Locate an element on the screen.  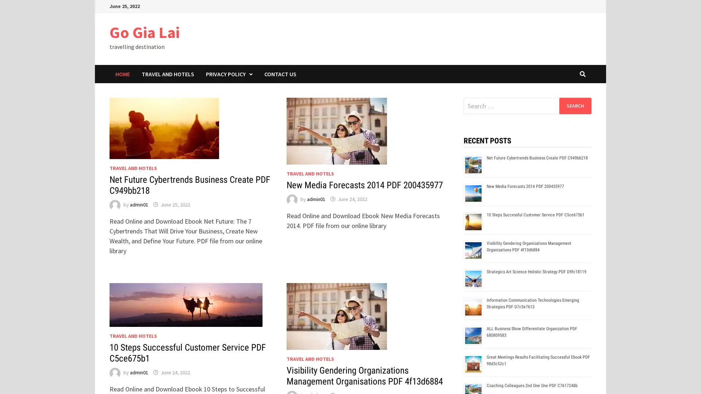
Search is located at coordinates (575, 105).